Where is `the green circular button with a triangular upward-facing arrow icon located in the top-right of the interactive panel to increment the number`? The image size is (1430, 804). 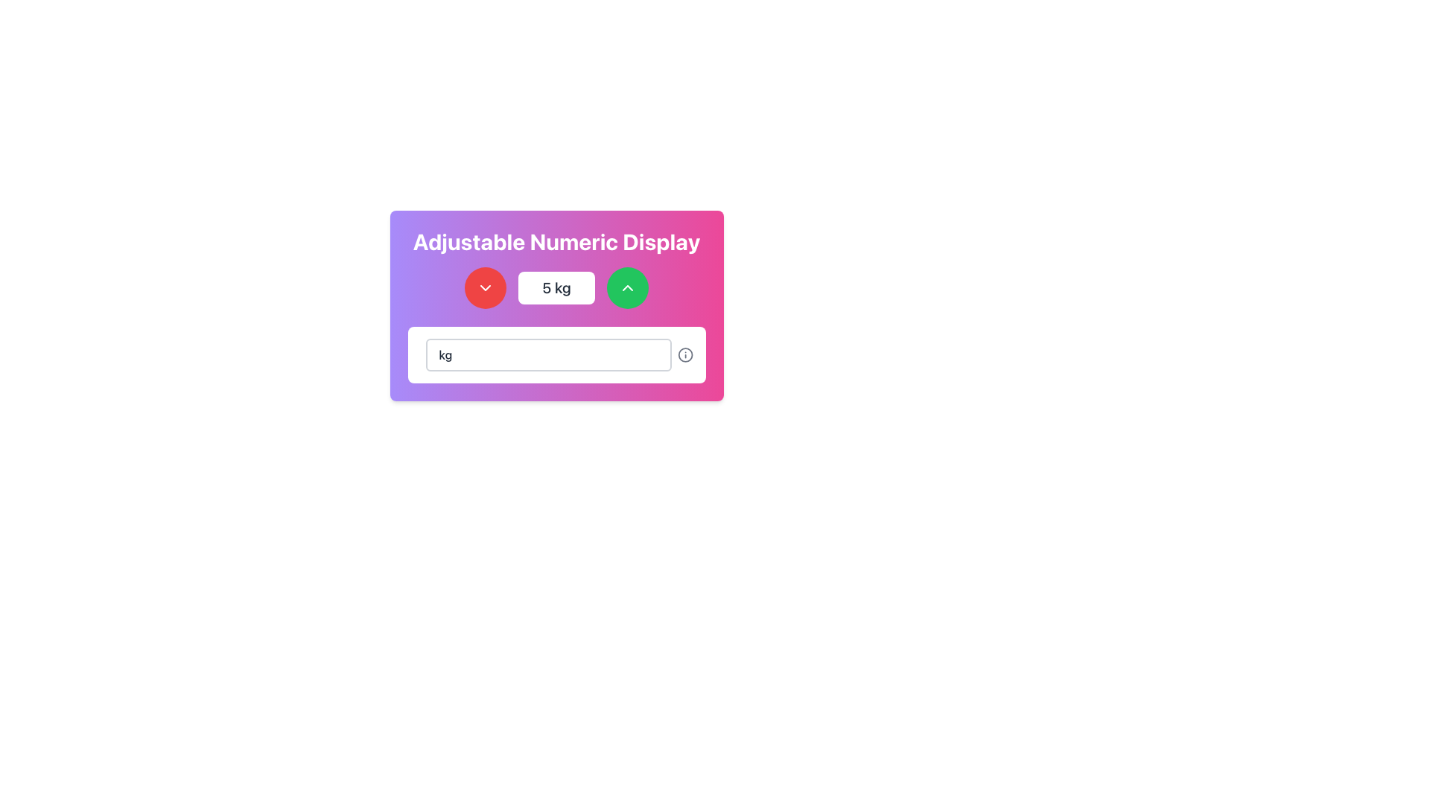
the green circular button with a triangular upward-facing arrow icon located in the top-right of the interactive panel to increment the number is located at coordinates (627, 287).